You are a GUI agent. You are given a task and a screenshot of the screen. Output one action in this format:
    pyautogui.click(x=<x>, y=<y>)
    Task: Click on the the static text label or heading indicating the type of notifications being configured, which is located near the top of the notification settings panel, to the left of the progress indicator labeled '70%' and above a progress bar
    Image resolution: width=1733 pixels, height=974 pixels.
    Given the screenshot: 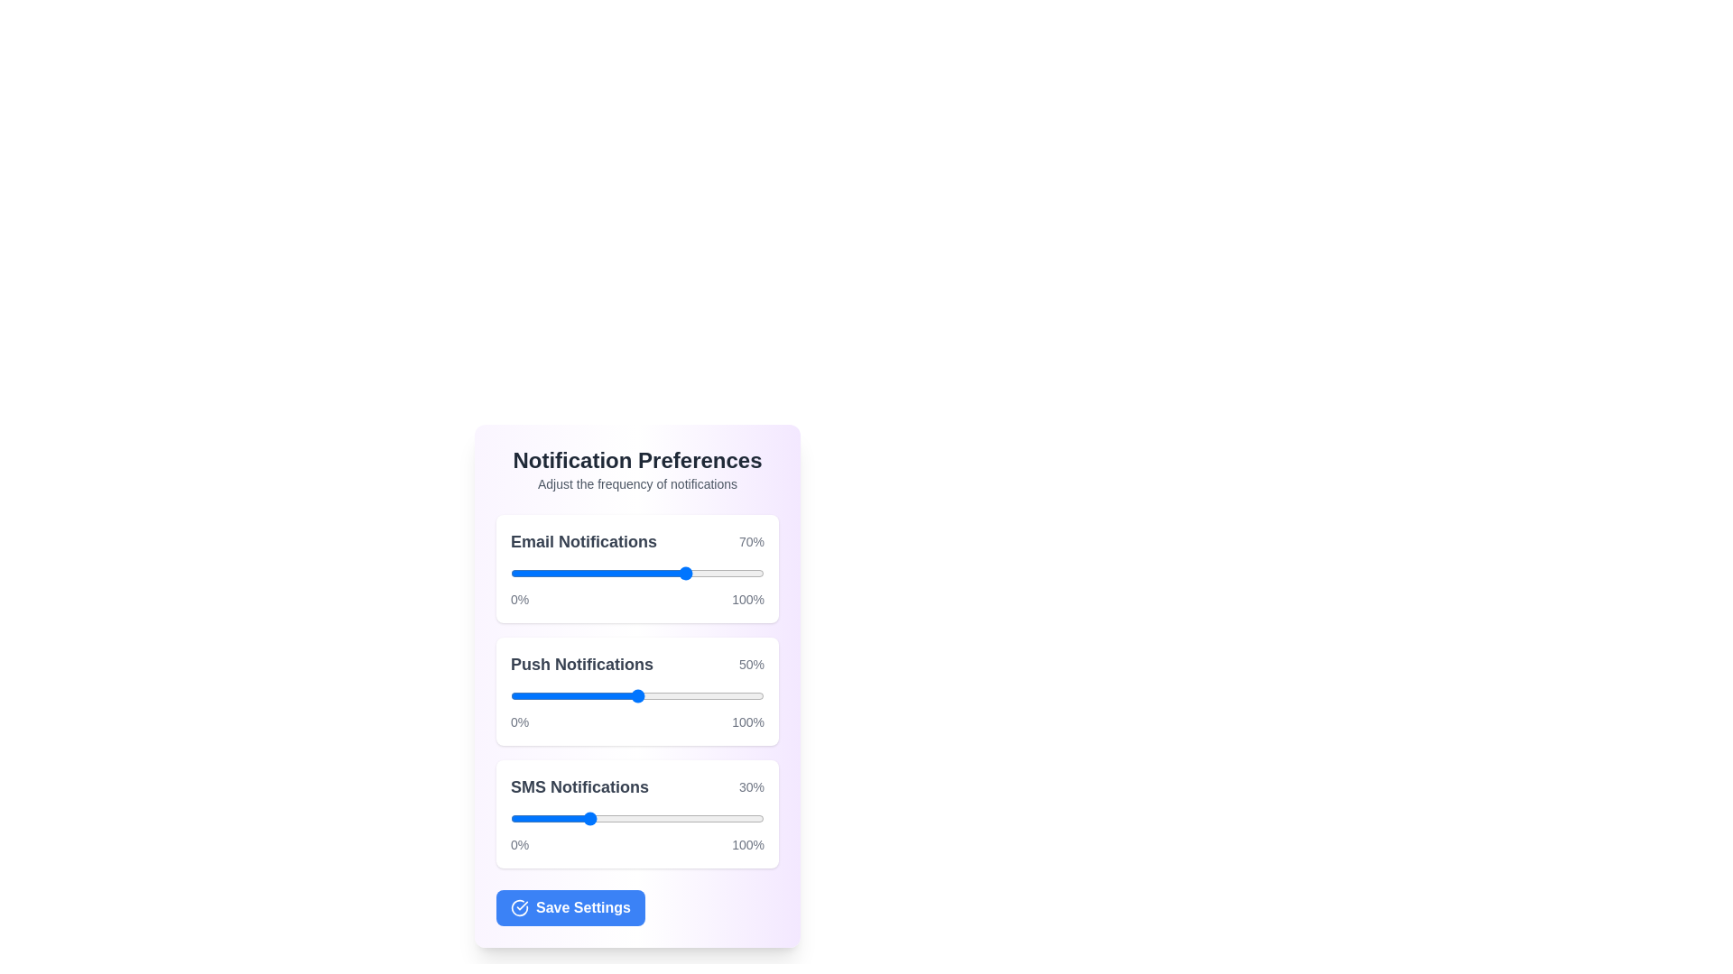 What is the action you would take?
    pyautogui.click(x=584, y=541)
    